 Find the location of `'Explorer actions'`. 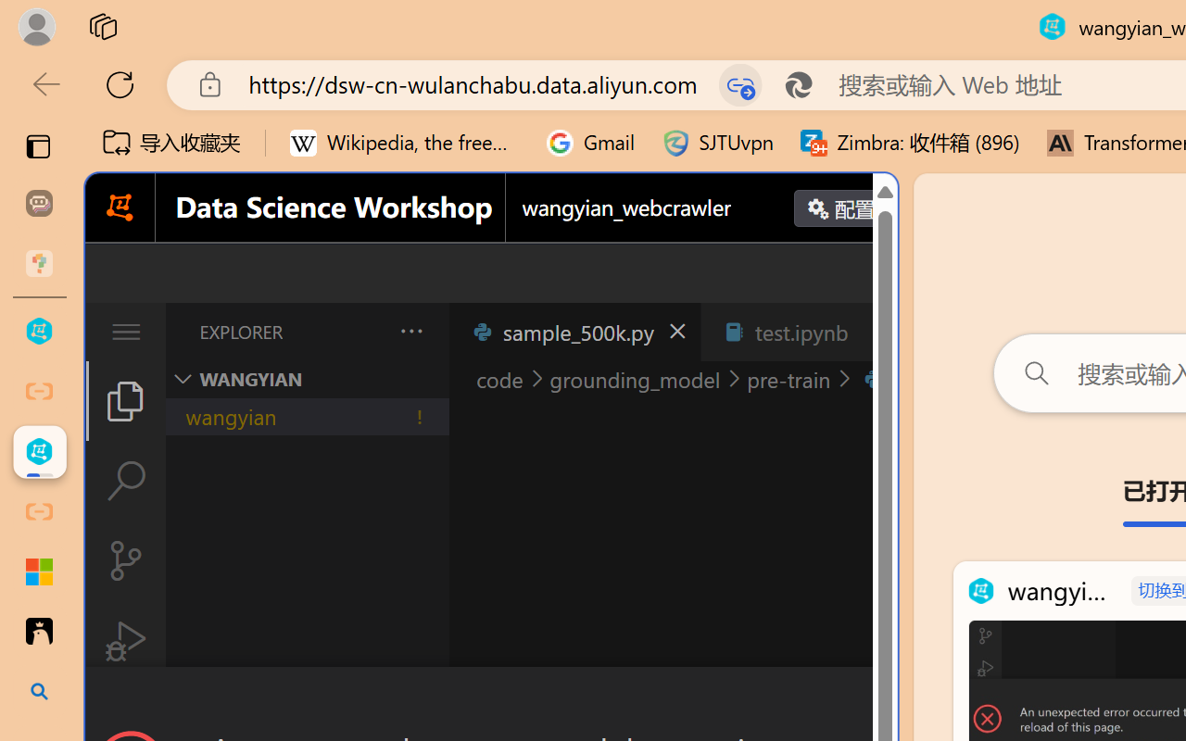

'Explorer actions' is located at coordinates (362, 332).